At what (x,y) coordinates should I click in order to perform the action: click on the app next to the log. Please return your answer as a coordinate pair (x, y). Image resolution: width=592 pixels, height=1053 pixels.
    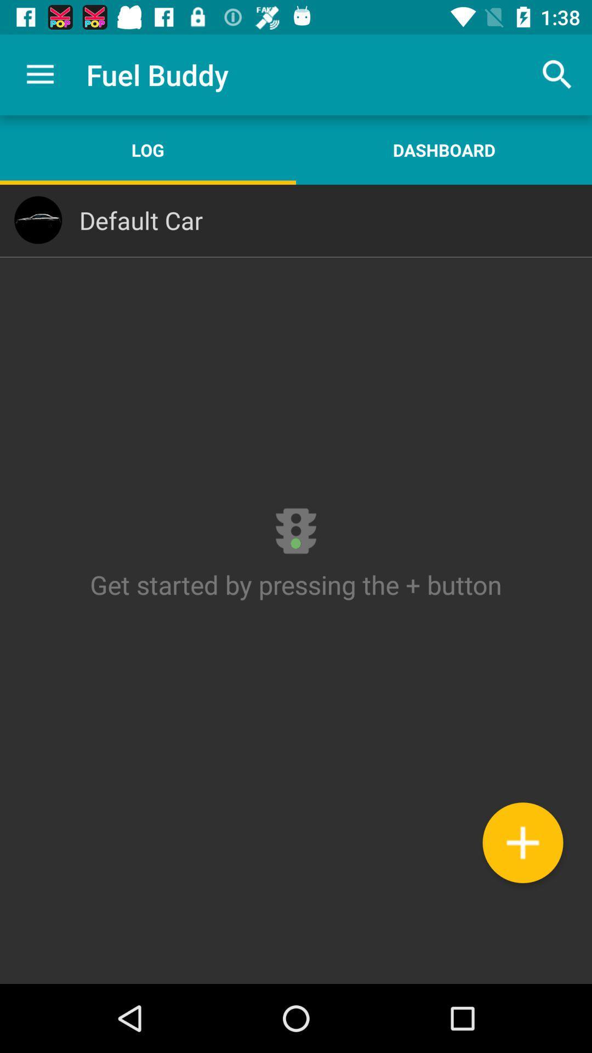
    Looking at the image, I should click on (444, 149).